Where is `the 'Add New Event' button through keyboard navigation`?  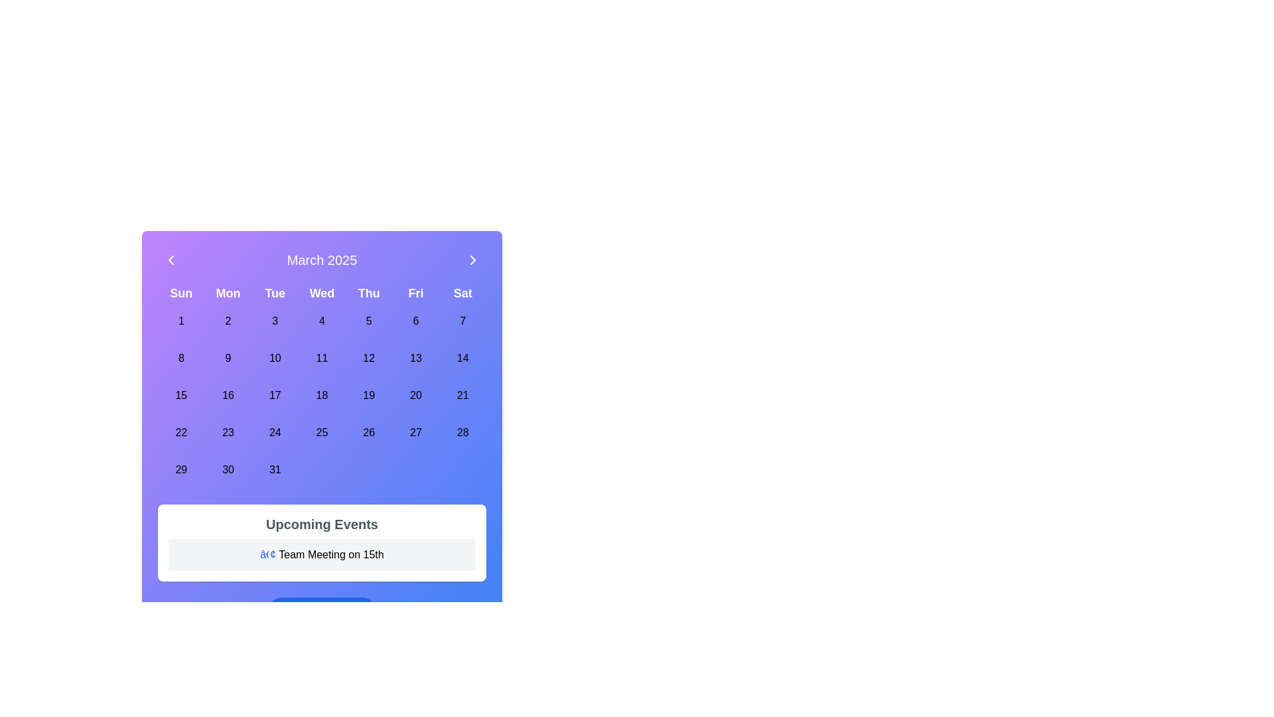
the 'Add New Event' button through keyboard navigation is located at coordinates (322, 613).